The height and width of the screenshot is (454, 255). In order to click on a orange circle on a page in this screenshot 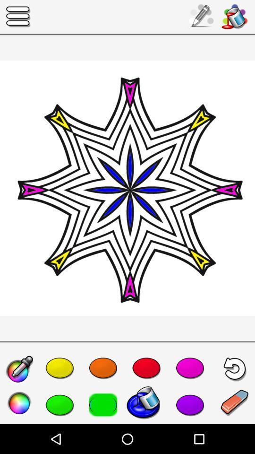, I will do `click(102, 367)`.